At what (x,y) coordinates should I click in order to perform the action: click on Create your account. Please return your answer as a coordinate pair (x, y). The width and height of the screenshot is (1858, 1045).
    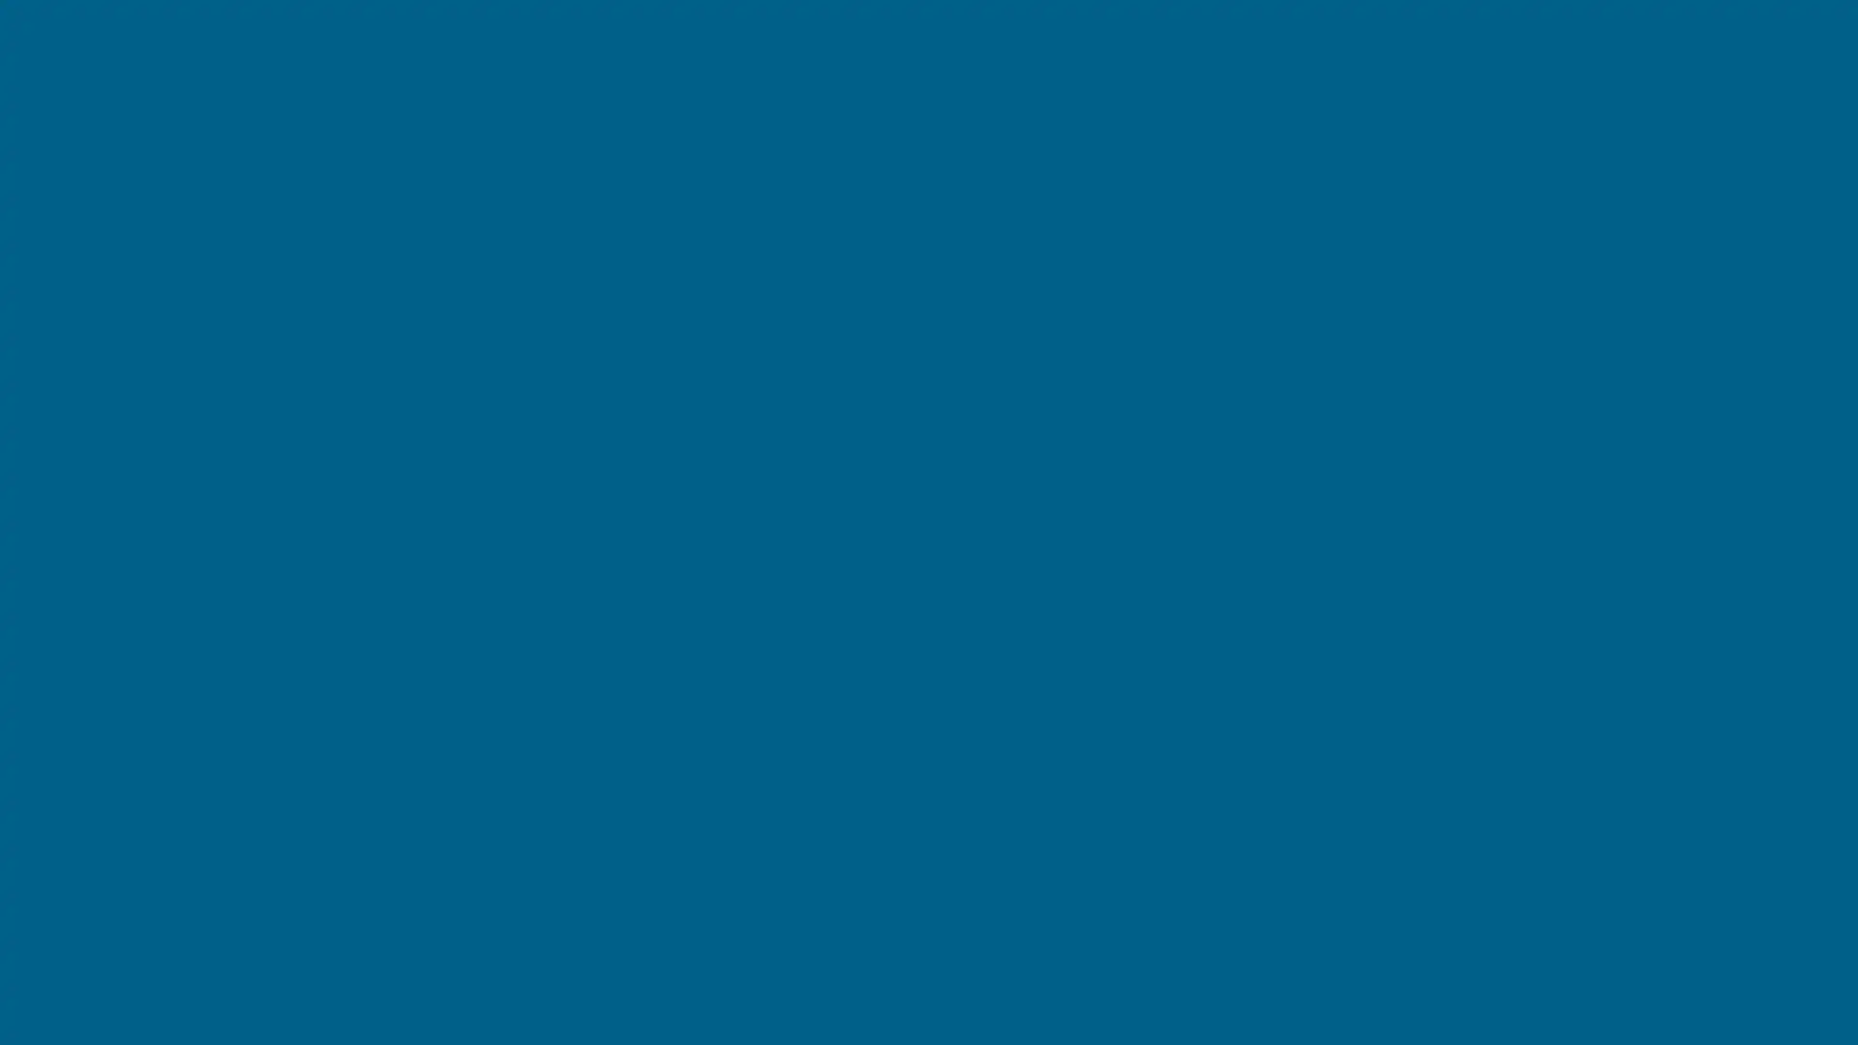
    Looking at the image, I should click on (929, 470).